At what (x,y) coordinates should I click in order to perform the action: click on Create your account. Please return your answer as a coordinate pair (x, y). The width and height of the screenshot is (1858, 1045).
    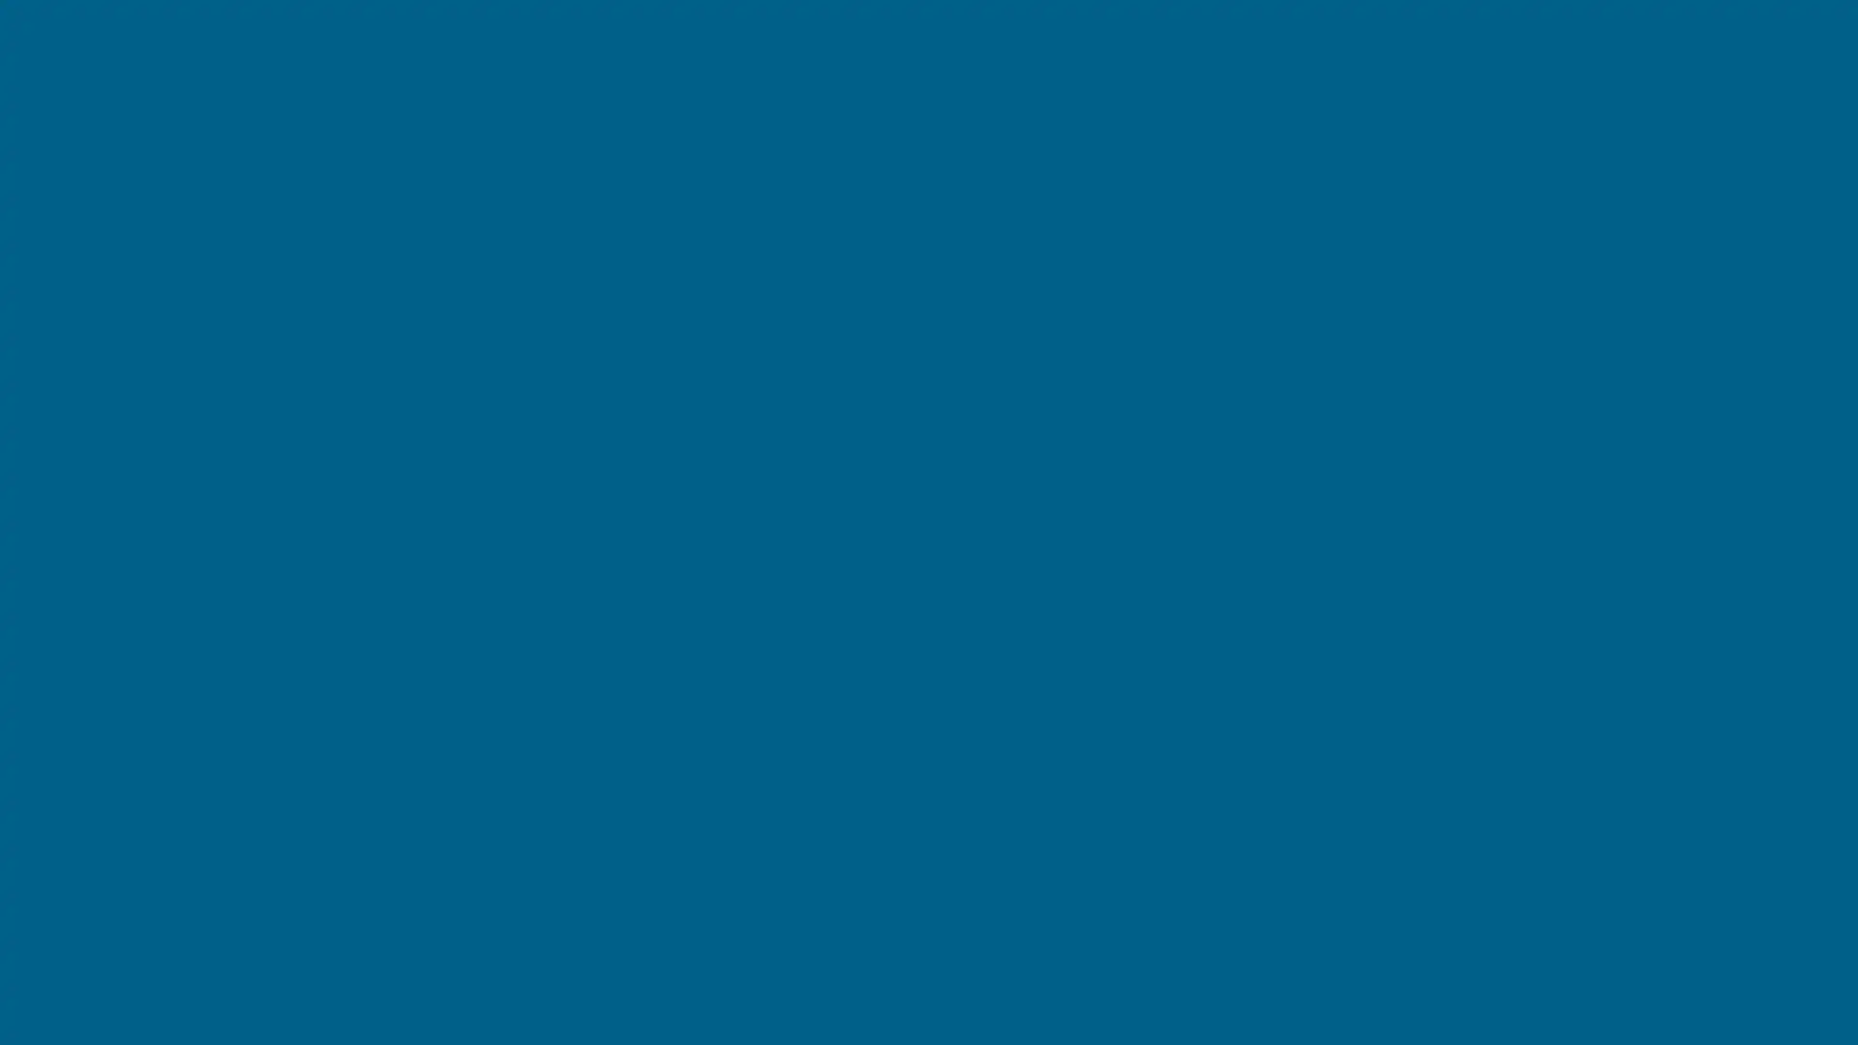
    Looking at the image, I should click on (929, 470).